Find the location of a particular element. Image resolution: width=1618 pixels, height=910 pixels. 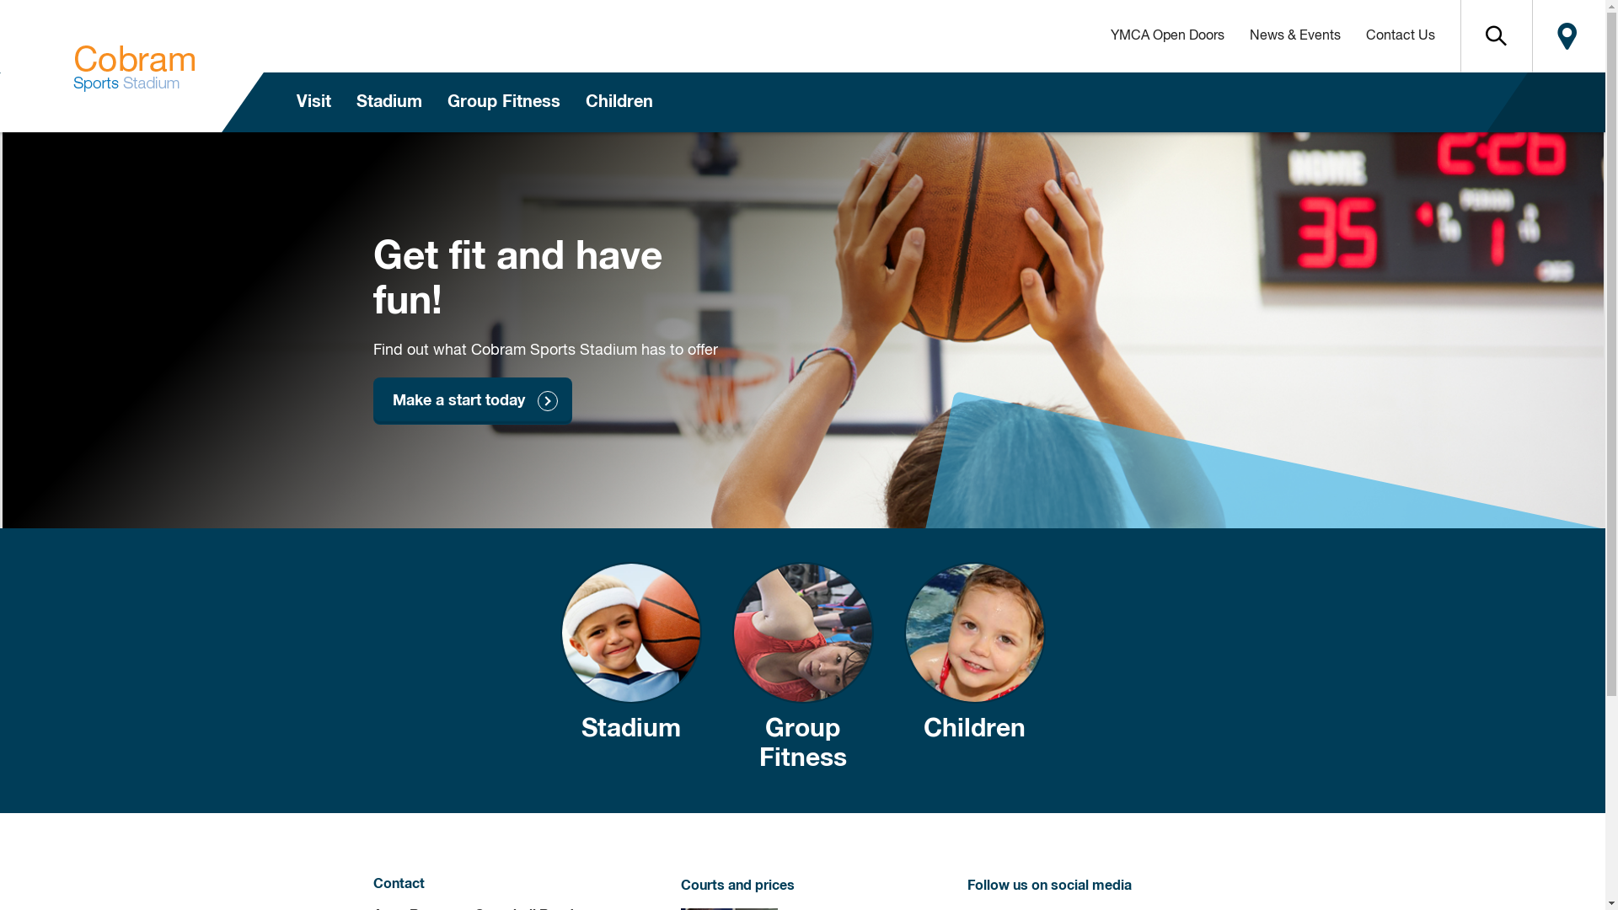

'YMCA Open Doors' is located at coordinates (1165, 35).